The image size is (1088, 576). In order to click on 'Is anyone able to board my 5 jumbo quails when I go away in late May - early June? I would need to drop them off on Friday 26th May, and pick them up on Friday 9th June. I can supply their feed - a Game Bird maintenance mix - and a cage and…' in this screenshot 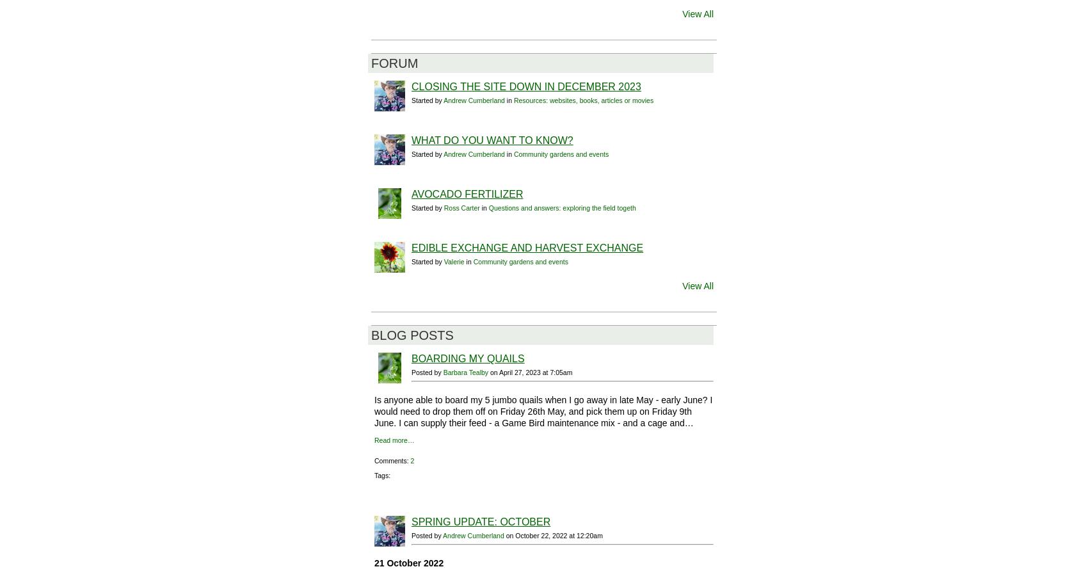, I will do `click(542, 411)`.